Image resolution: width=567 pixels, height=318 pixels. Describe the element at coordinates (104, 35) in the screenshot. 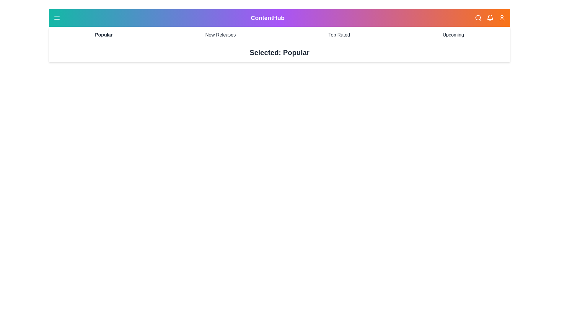

I see `the category Popular to select it` at that location.